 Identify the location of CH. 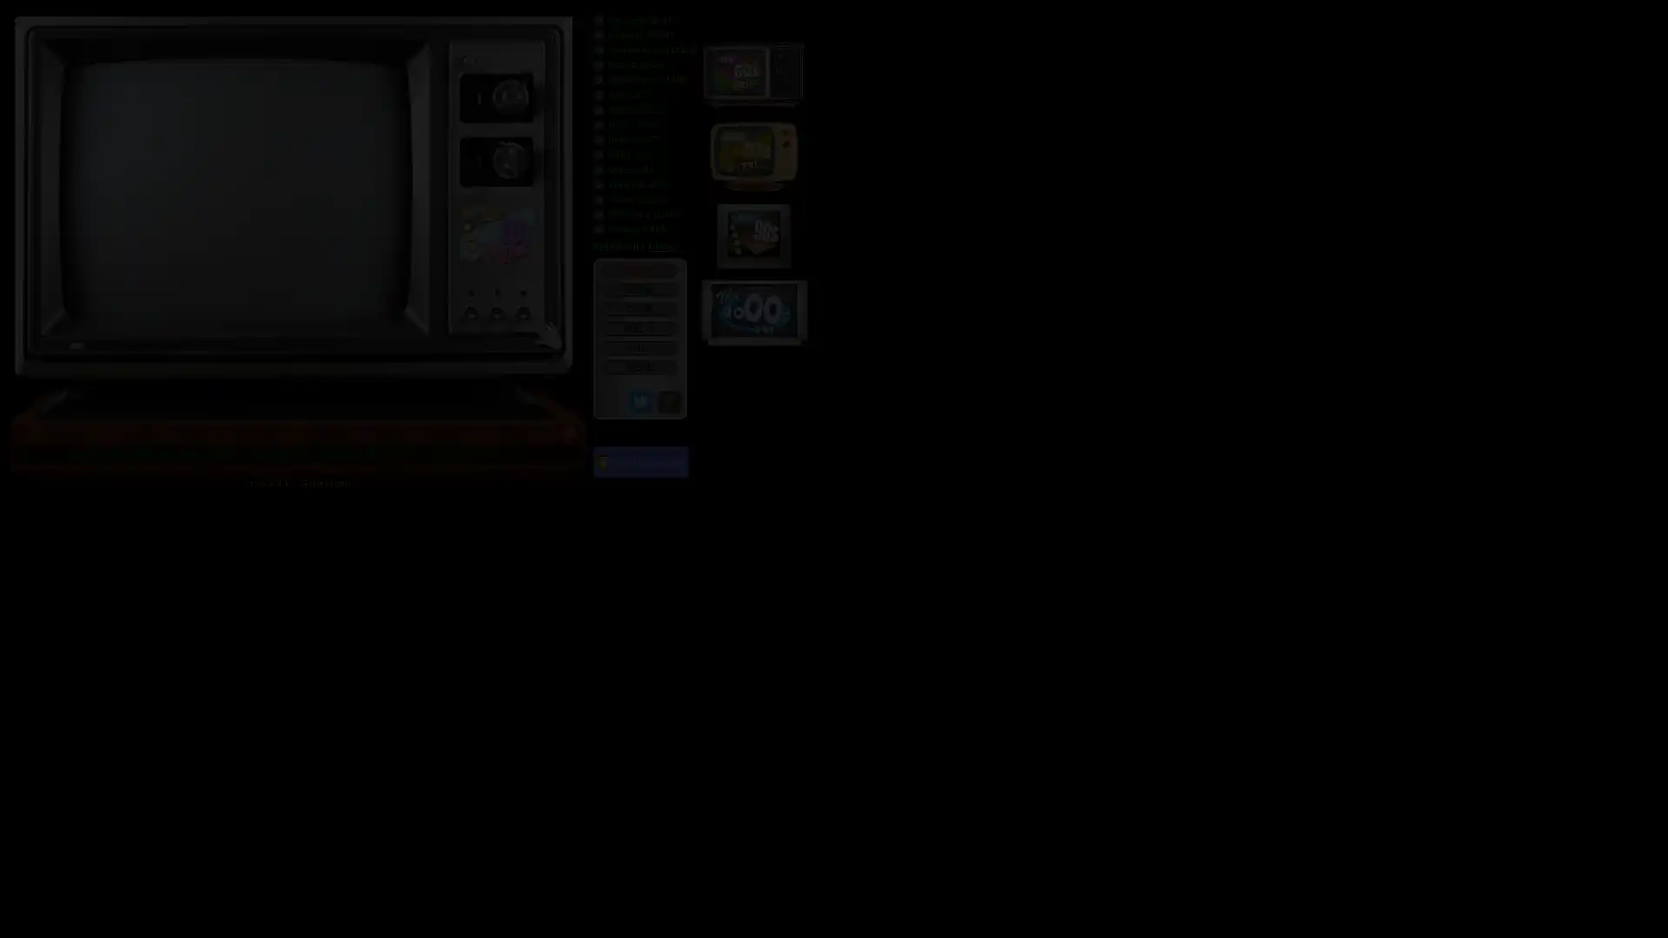
(638, 307).